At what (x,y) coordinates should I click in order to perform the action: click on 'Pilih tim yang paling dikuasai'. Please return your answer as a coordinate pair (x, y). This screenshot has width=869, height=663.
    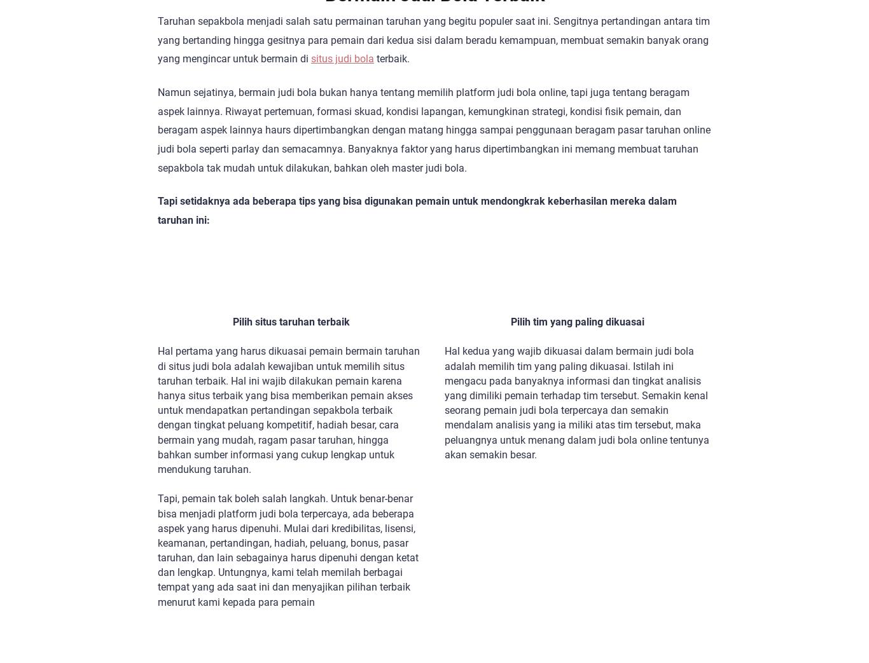
    Looking at the image, I should click on (576, 321).